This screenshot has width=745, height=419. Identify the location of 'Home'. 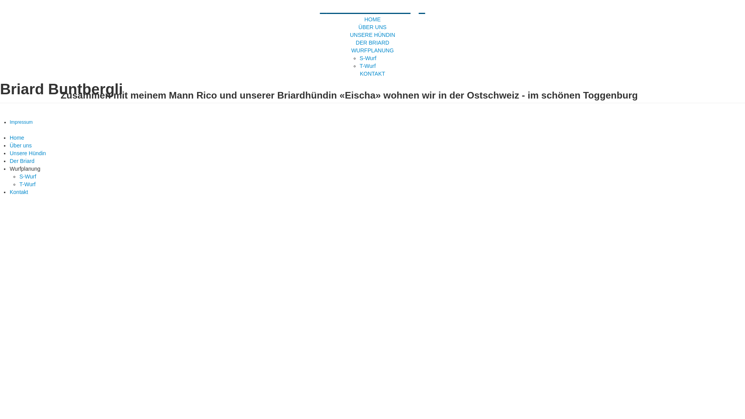
(17, 137).